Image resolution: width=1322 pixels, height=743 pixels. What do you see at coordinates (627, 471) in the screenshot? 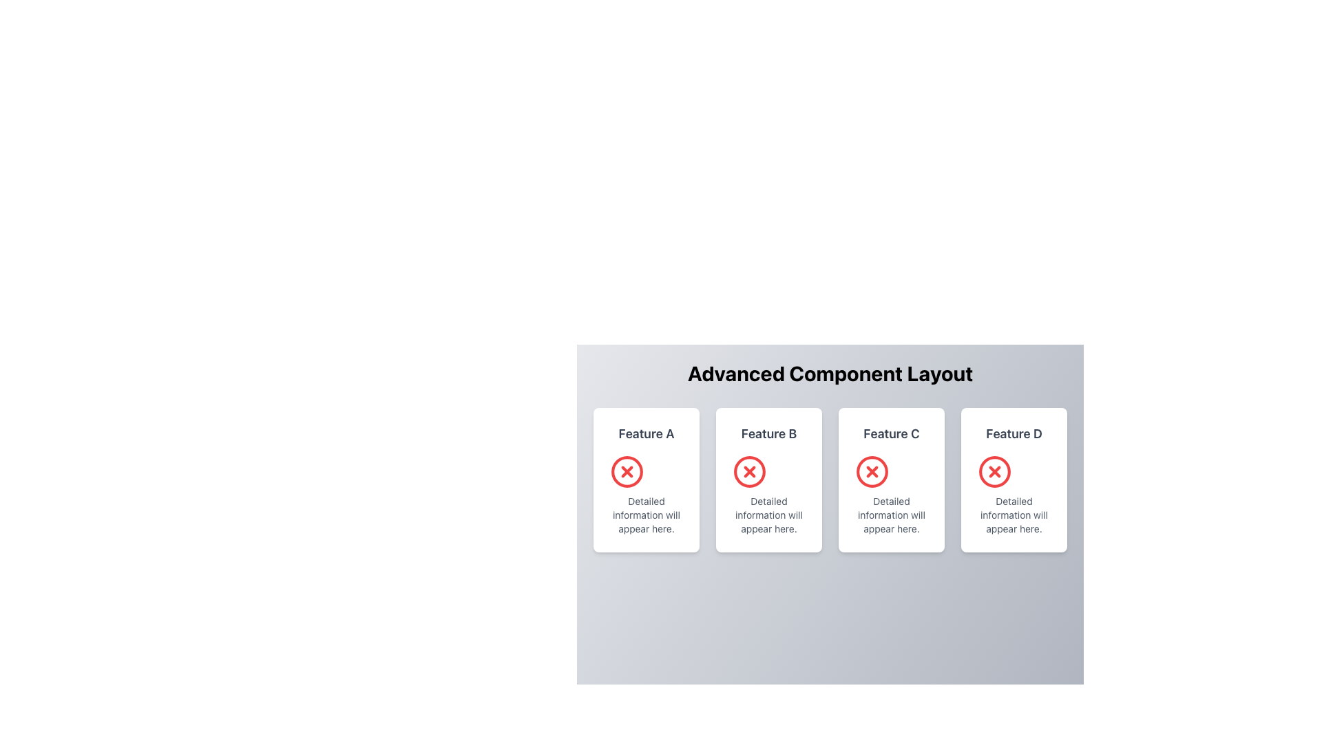
I see `the circular icon element that outlines the cross (X) symbol in the first card labeled 'Feature A'` at bounding box center [627, 471].